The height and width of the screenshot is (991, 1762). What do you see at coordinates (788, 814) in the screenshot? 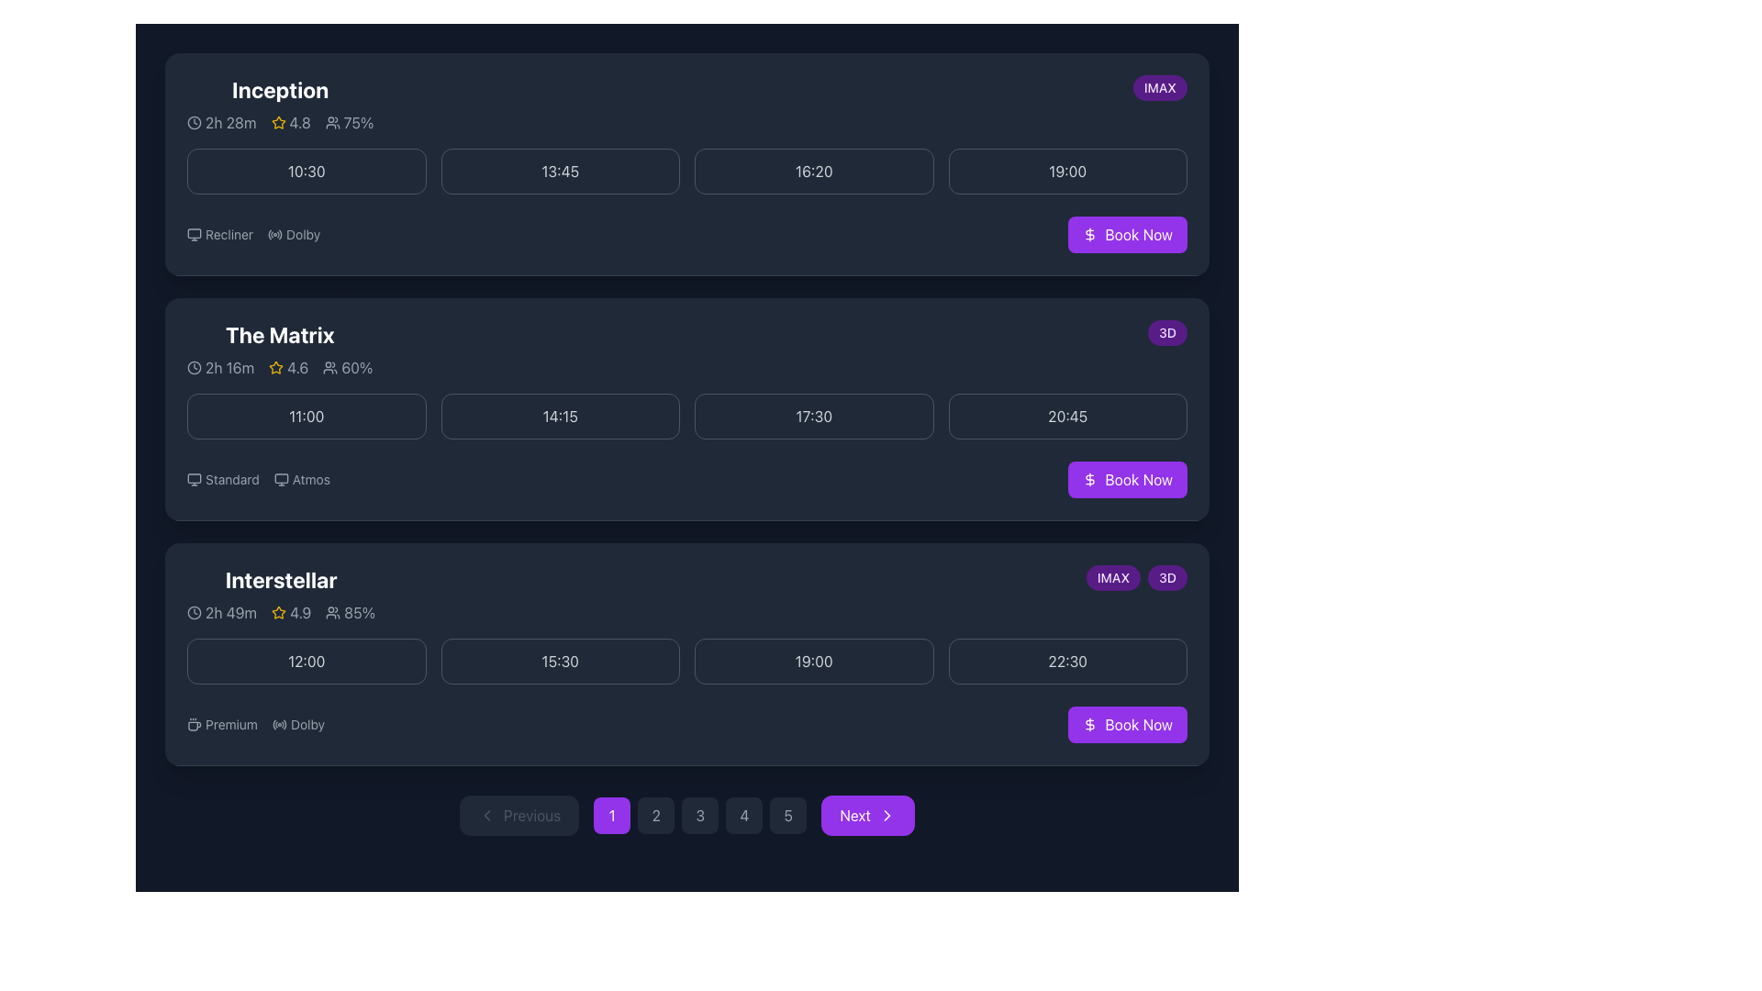
I see `the button labeled '5' located on the rightmost side of the bottom row in the paginated interface` at bounding box center [788, 814].